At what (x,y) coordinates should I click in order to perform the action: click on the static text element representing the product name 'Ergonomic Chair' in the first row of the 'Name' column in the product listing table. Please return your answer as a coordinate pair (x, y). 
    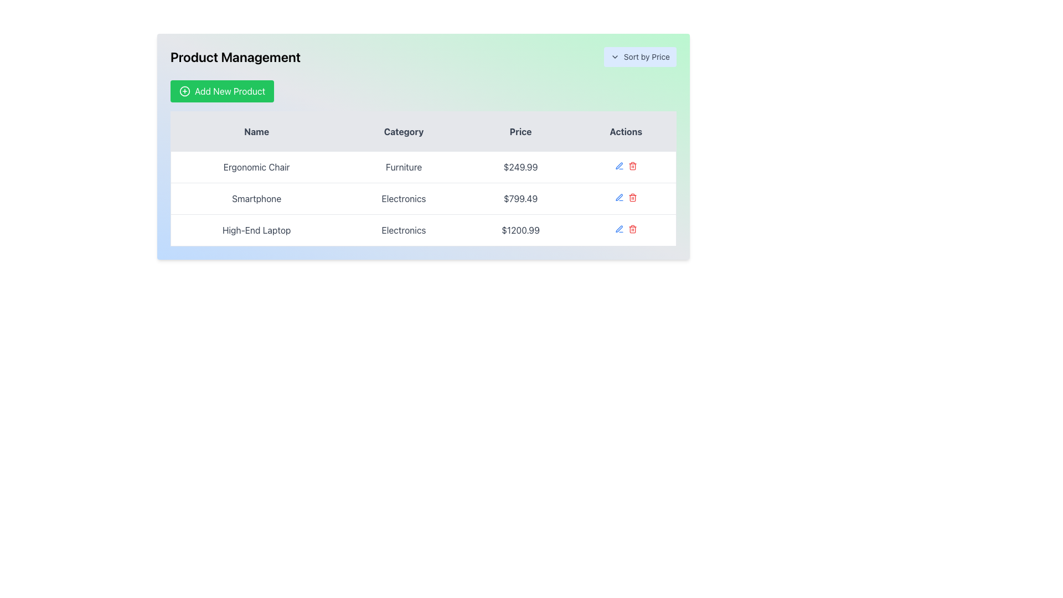
    Looking at the image, I should click on (256, 167).